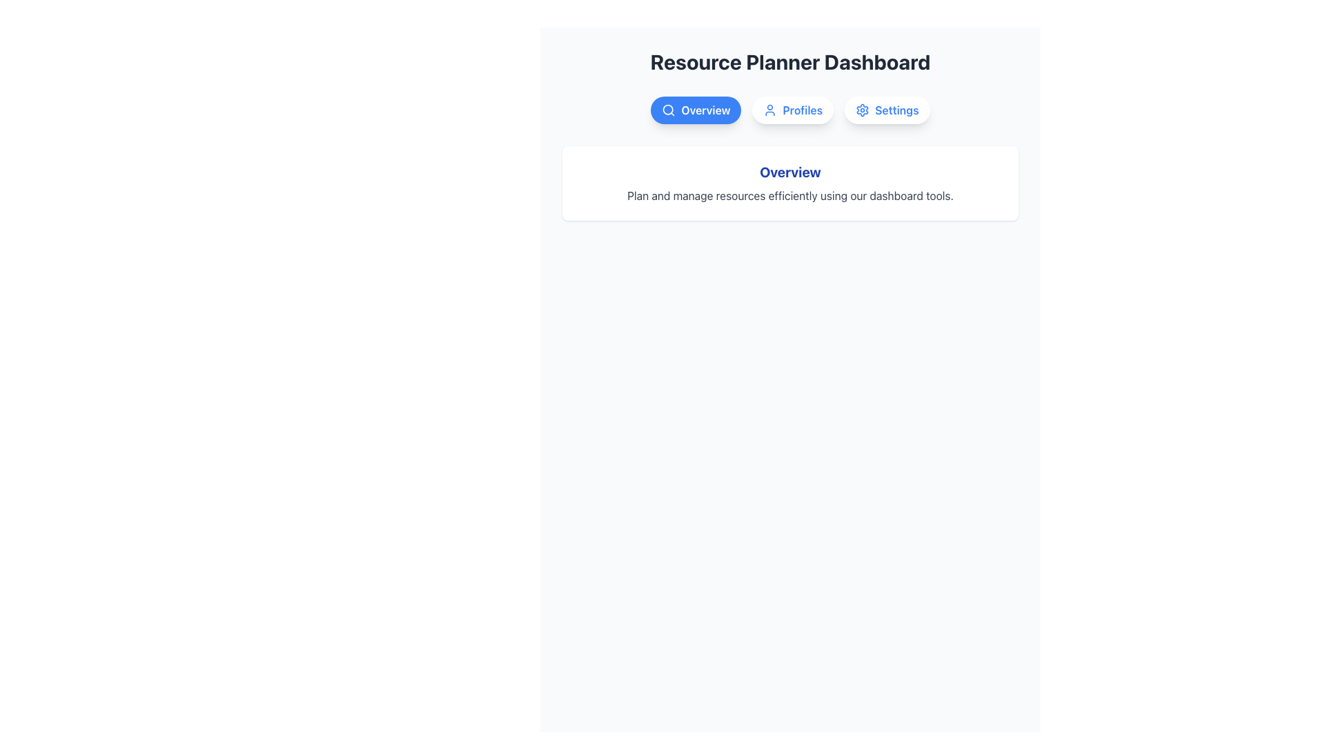 The height and width of the screenshot is (745, 1325). Describe the element at coordinates (696, 109) in the screenshot. I see `the 'Overview' button, which is the first button in a row of three buttons at the top center of the interface` at that location.